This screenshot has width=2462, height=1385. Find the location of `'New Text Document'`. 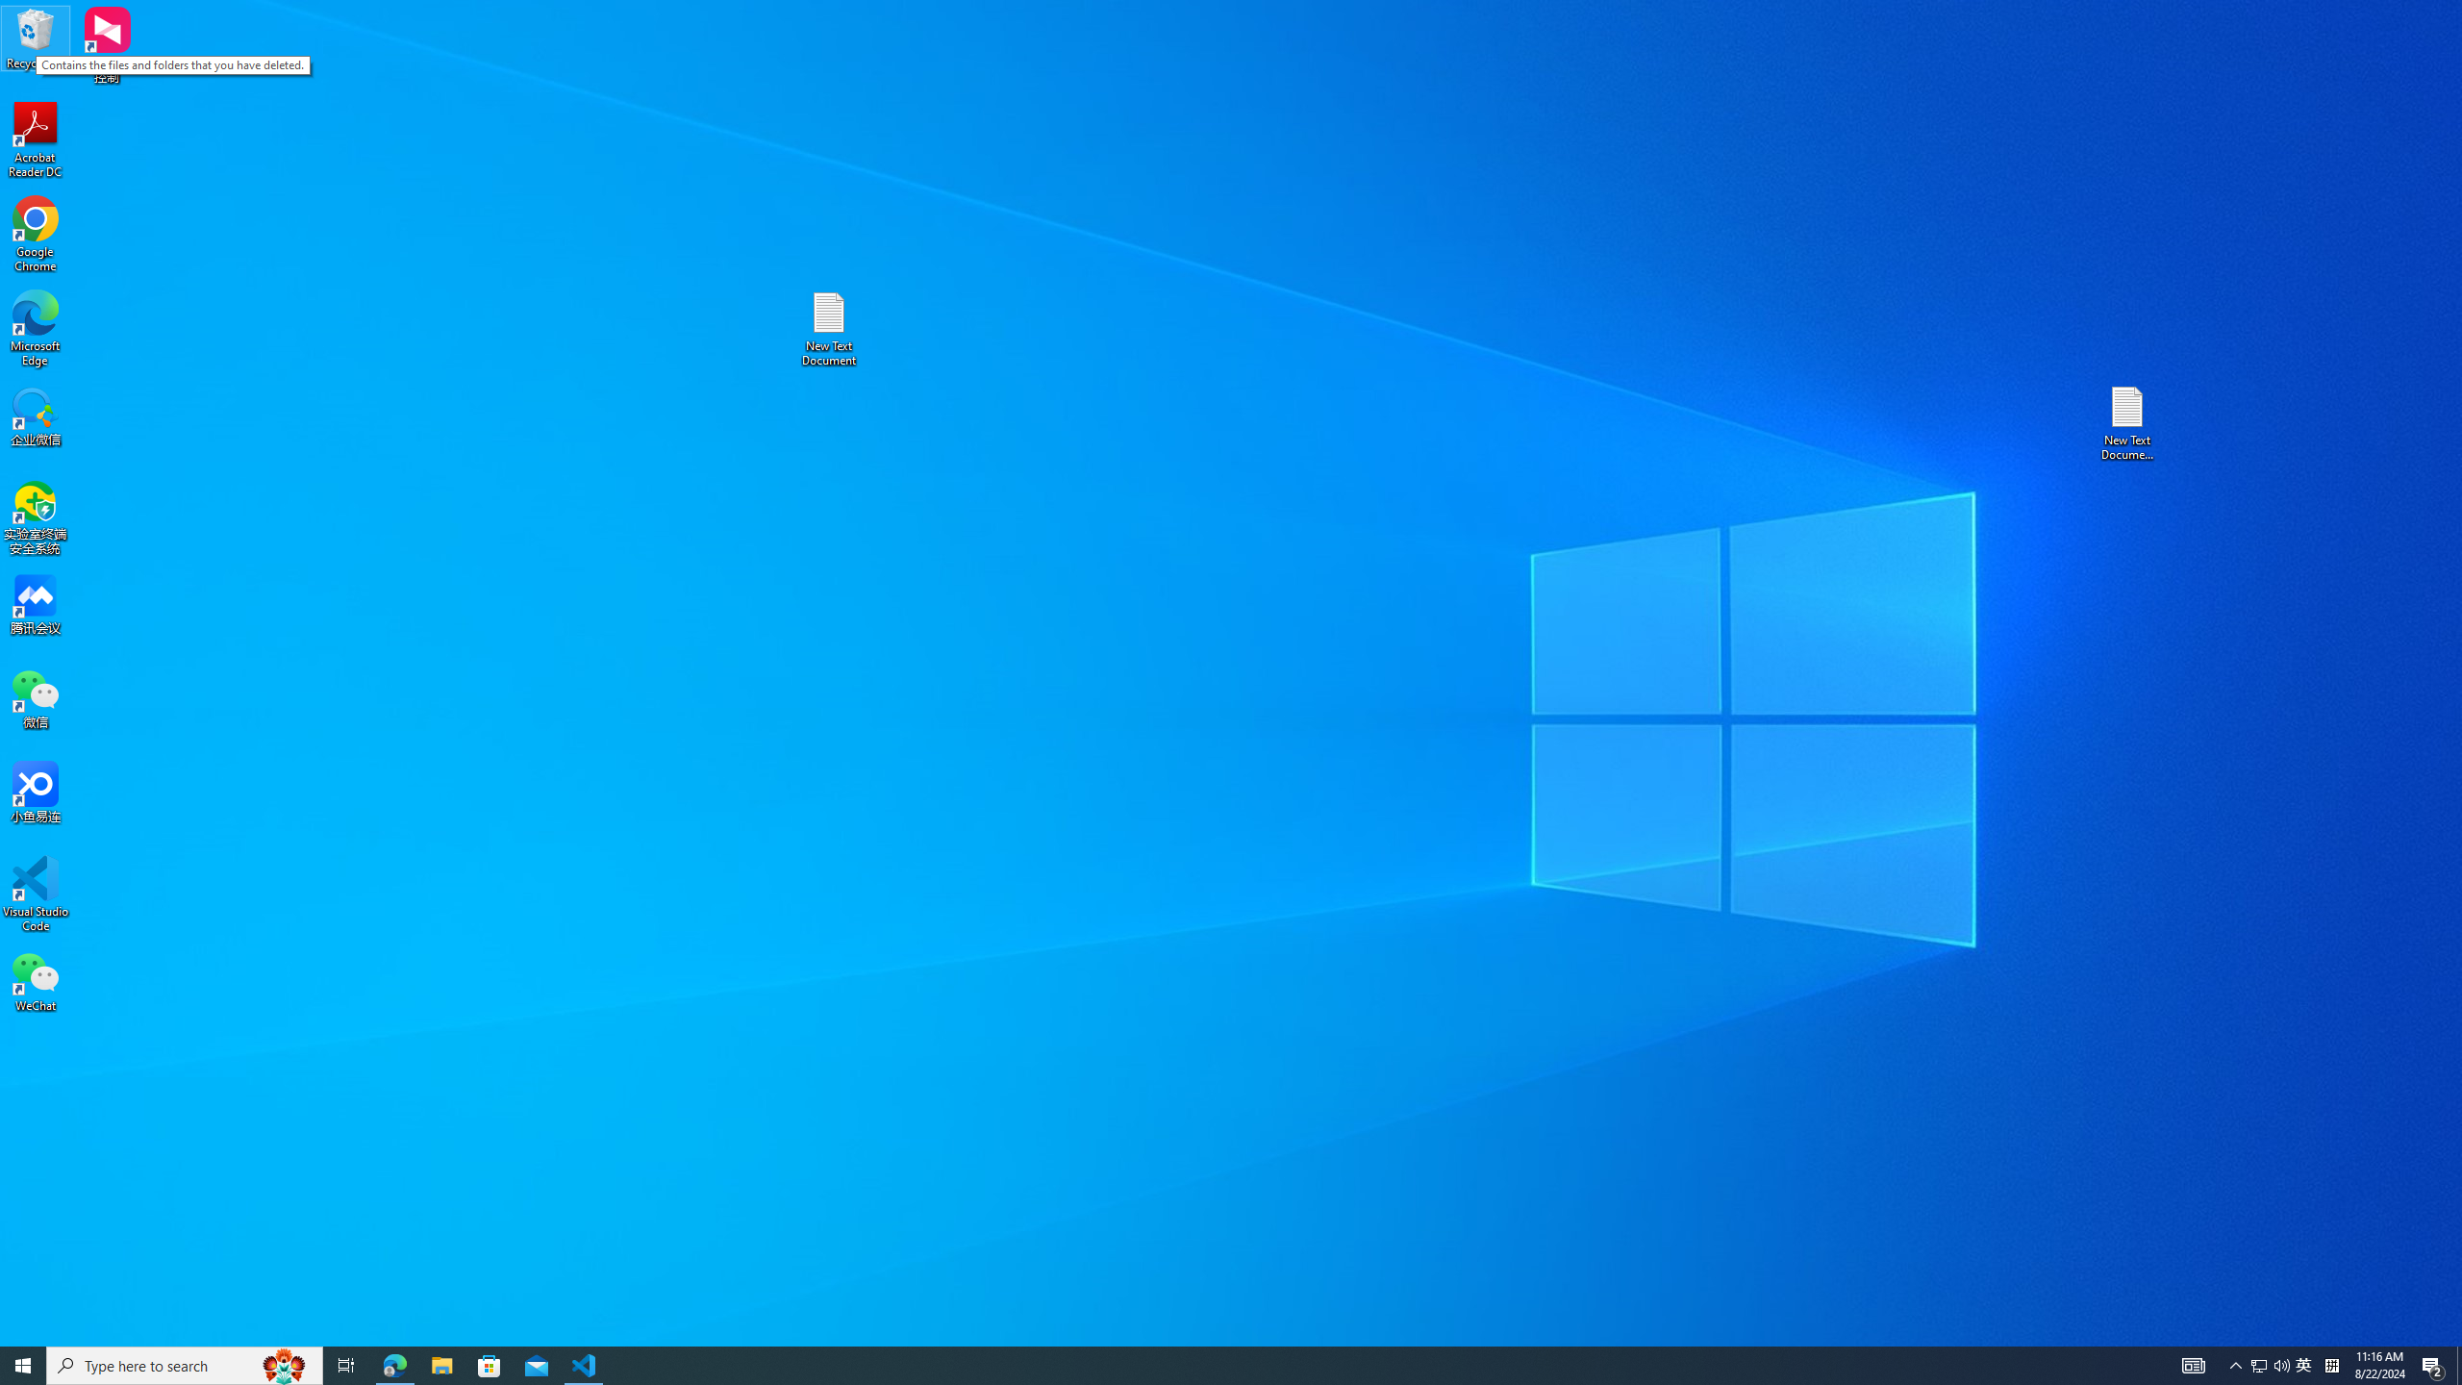

'New Text Document' is located at coordinates (827, 328).